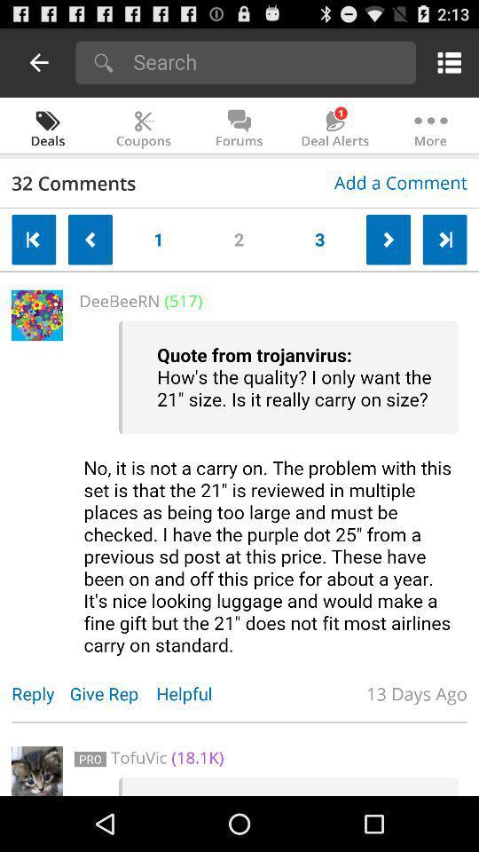 The image size is (479, 852). What do you see at coordinates (39, 62) in the screenshot?
I see `previous page` at bounding box center [39, 62].